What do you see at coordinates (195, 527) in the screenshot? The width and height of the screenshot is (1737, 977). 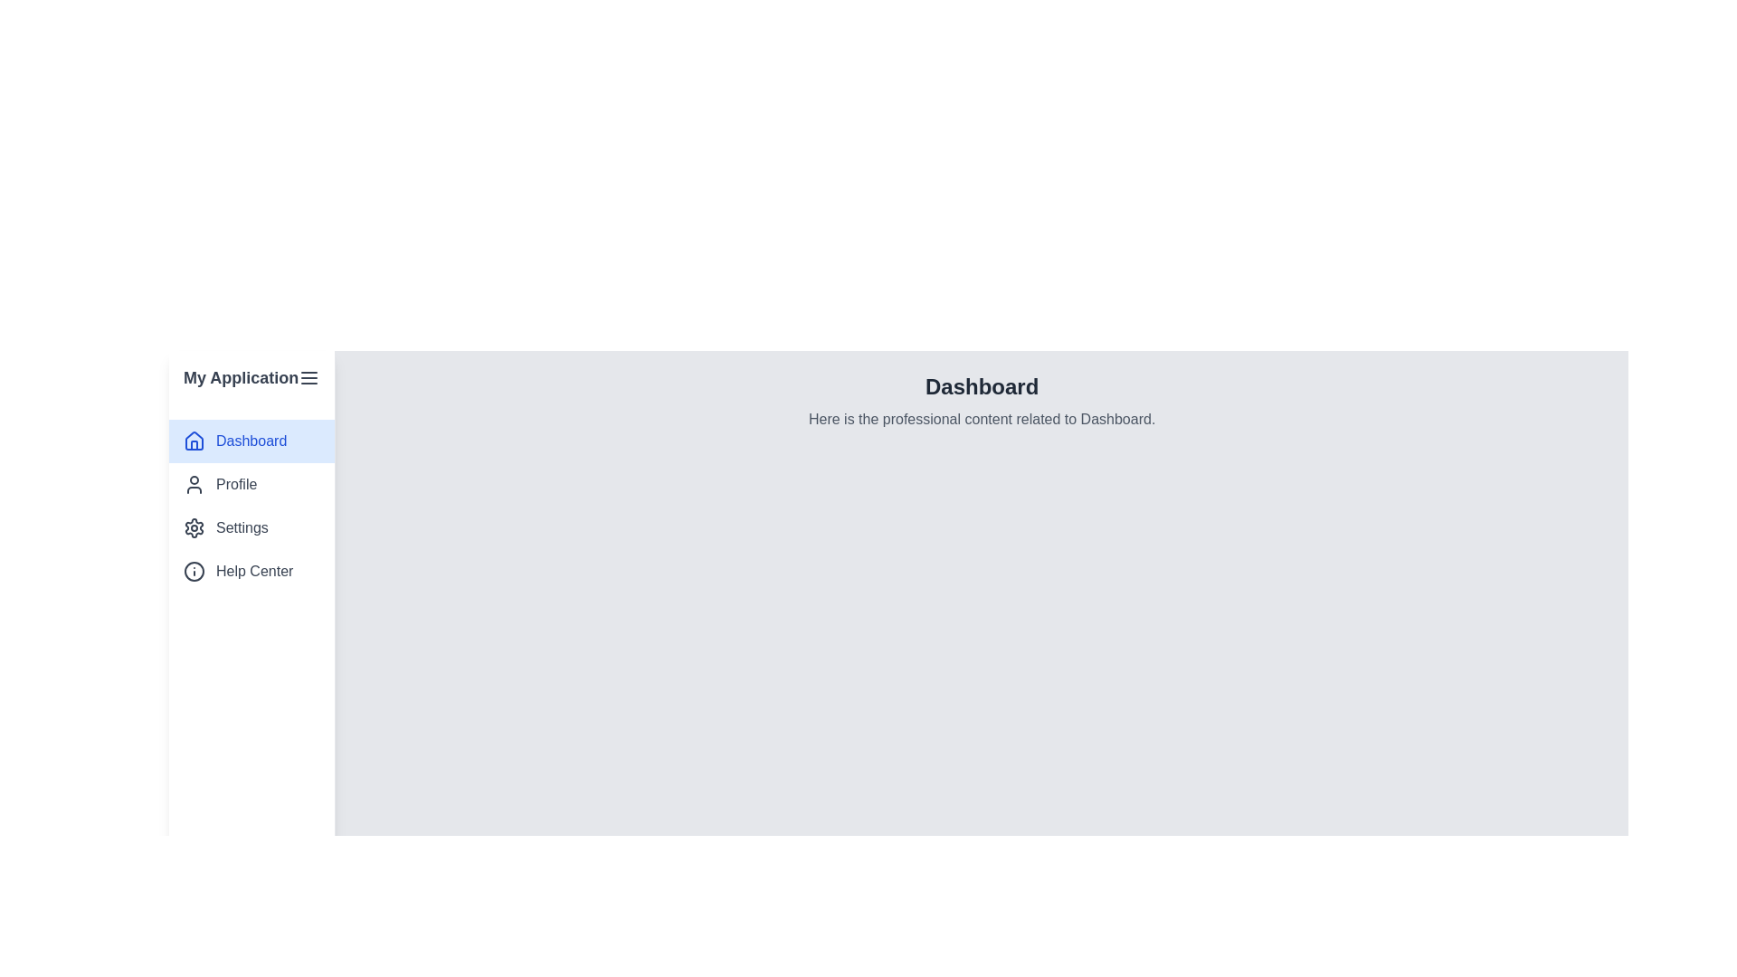 I see `the gear-shaped settings icon located on the navigation menu, aligned with the 'Settings' label` at bounding box center [195, 527].